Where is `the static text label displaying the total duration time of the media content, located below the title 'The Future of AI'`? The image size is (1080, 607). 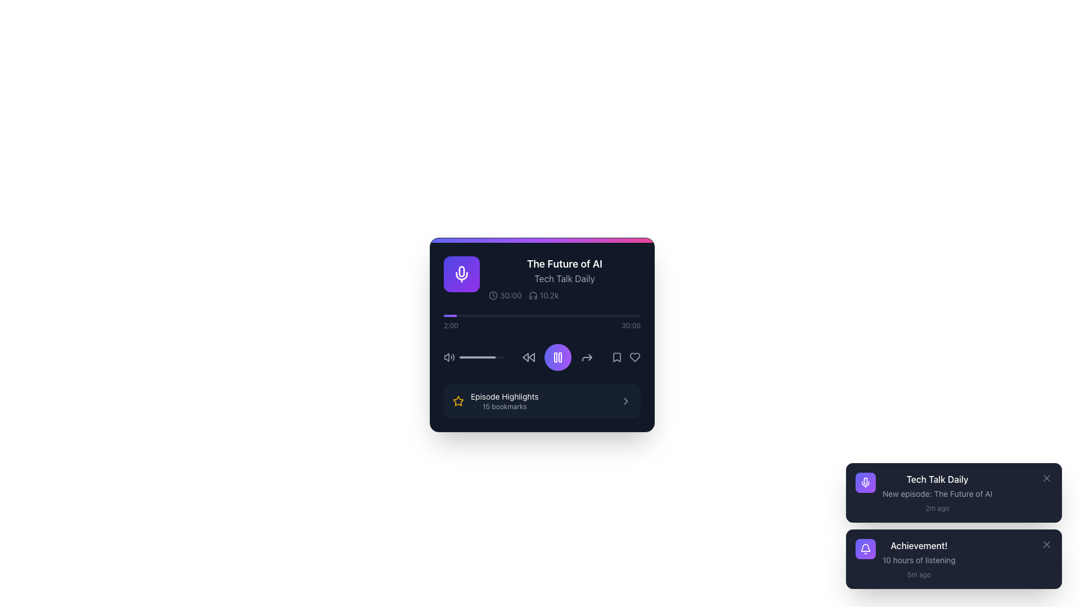 the static text label displaying the total duration time of the media content, located below the title 'The Future of AI' is located at coordinates (505, 295).